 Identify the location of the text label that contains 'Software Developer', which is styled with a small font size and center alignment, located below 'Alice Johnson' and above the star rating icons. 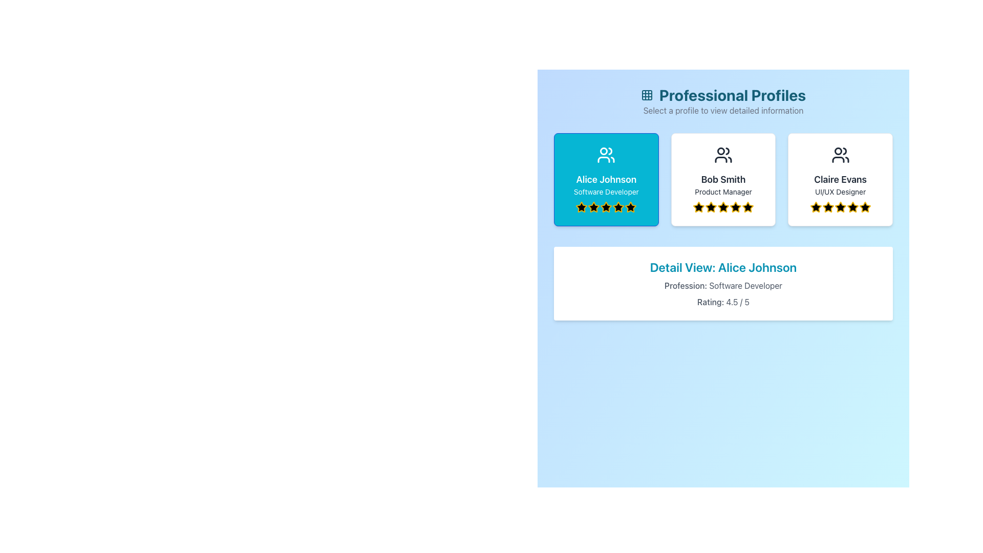
(606, 192).